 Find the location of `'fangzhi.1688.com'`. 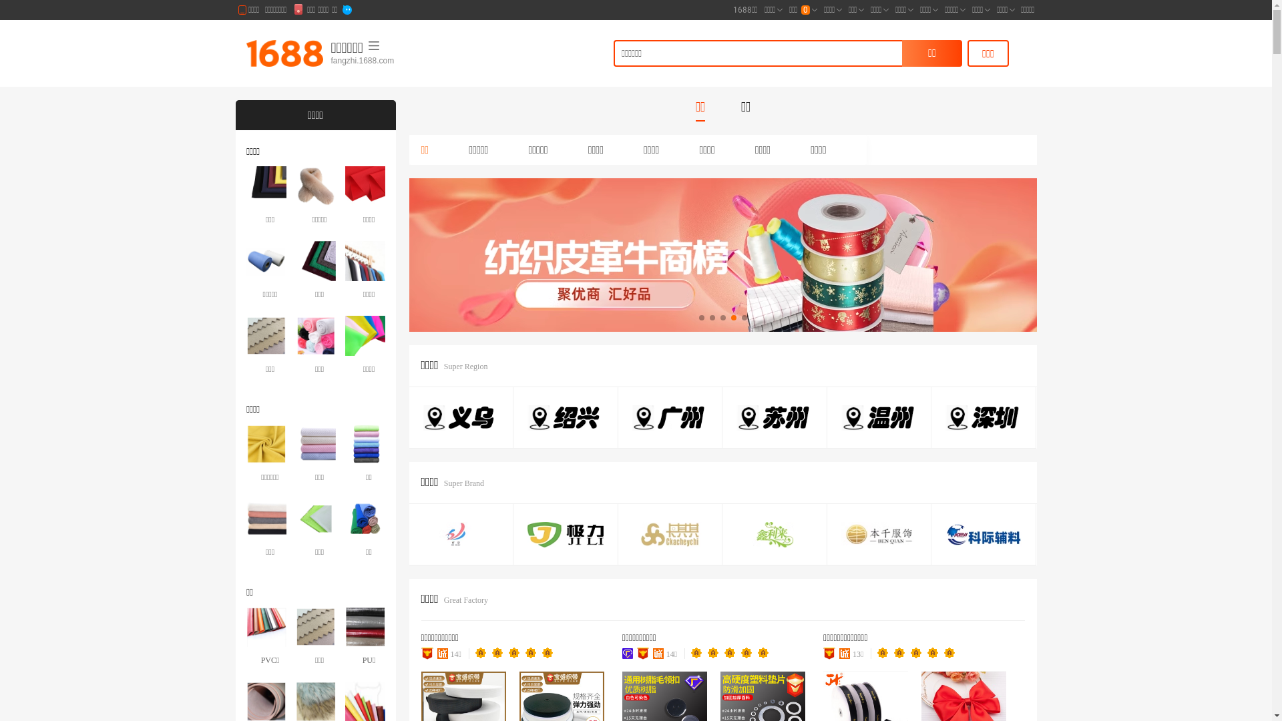

'fangzhi.1688.com' is located at coordinates (397, 61).